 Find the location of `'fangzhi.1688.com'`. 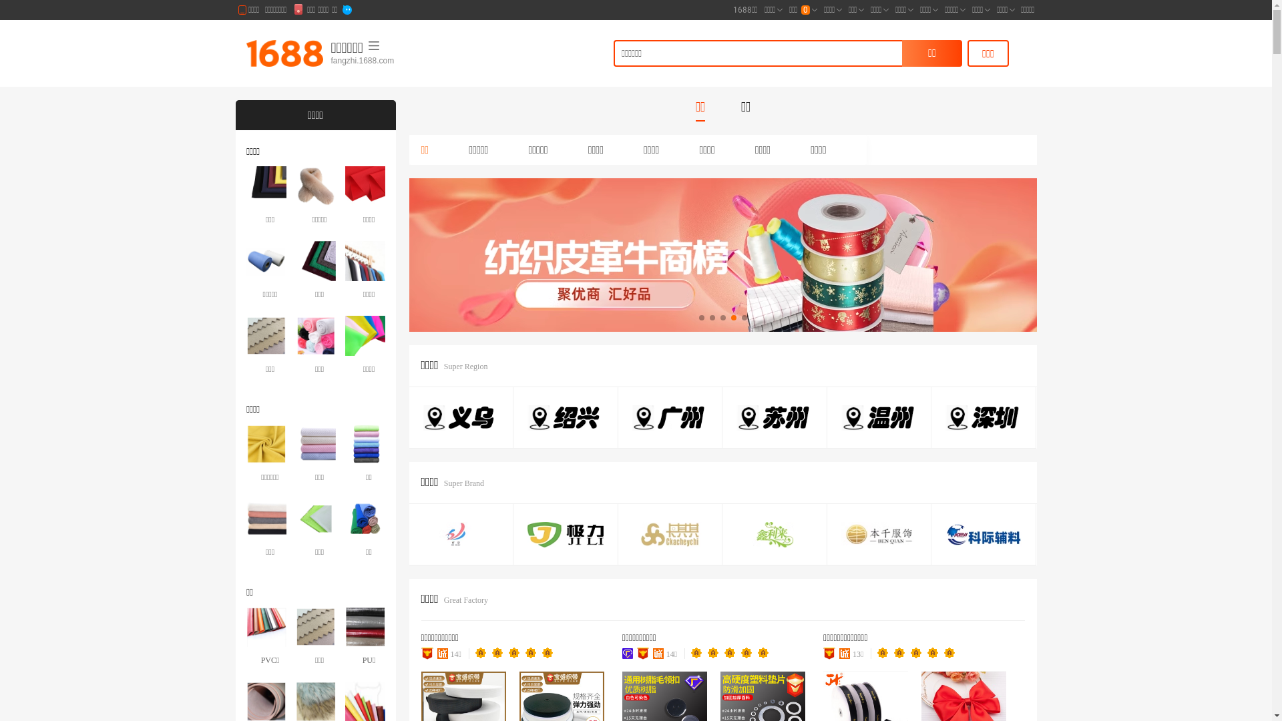

'fangzhi.1688.com' is located at coordinates (397, 61).